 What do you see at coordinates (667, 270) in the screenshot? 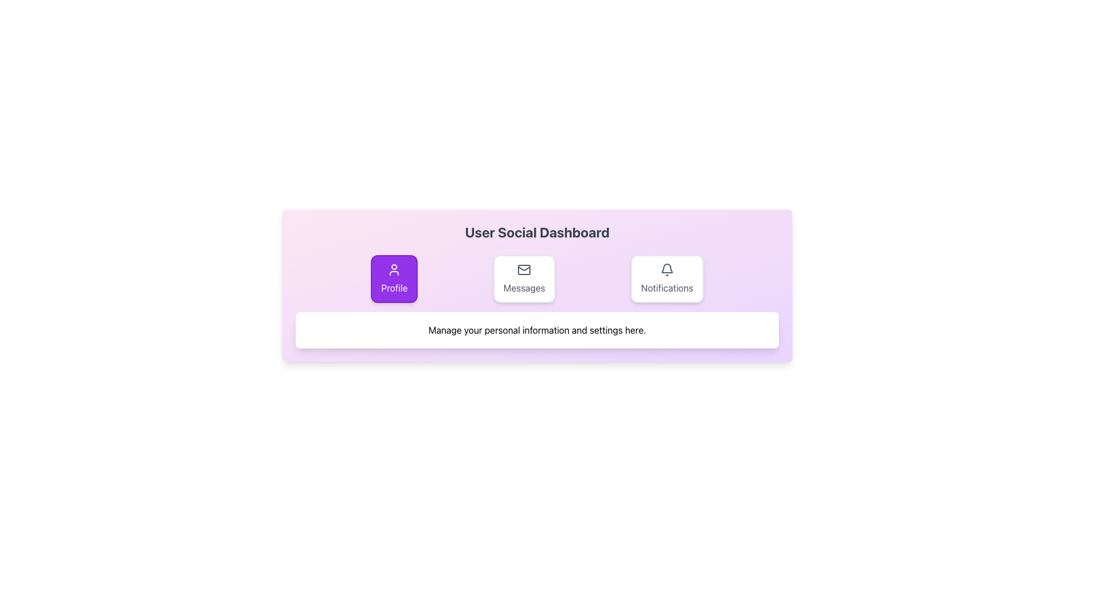
I see `the bell-shaped notification icon, which is located at the top of the 'Notifications' card in the rightmost section of the layout` at bounding box center [667, 270].